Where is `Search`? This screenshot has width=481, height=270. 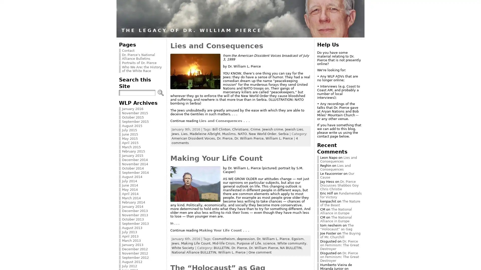 Search is located at coordinates (160, 92).